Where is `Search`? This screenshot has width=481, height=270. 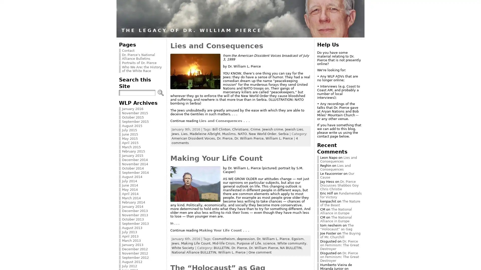 Search is located at coordinates (160, 92).